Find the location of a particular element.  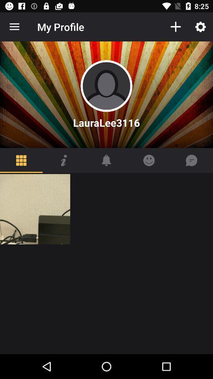

item next to the my profile icon is located at coordinates (14, 27).